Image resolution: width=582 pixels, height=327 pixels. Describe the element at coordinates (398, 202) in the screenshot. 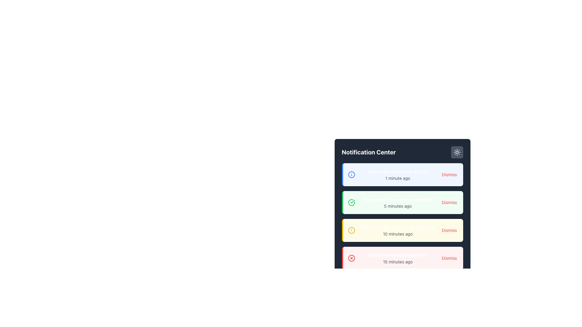

I see `notification message in the text element located in the second row of the notifications panel, which informs users about a recent profile update` at that location.